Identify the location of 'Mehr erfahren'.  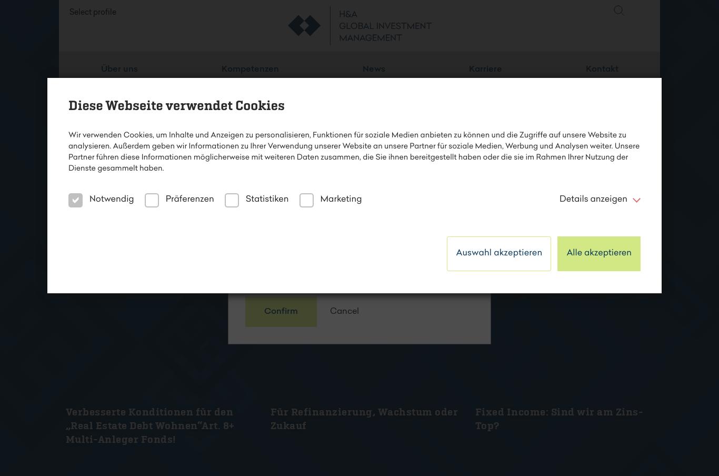
(329, 286).